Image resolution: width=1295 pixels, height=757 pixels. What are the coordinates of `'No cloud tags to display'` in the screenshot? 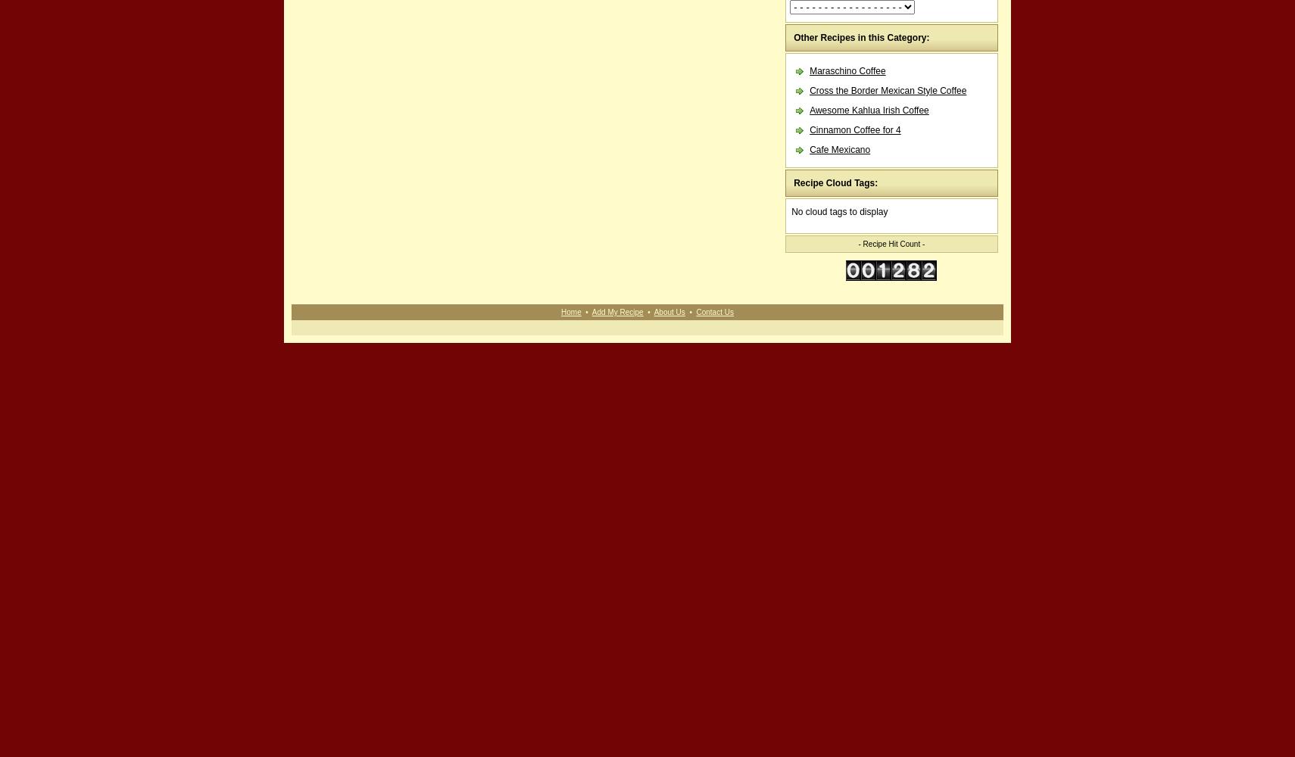 It's located at (838, 212).